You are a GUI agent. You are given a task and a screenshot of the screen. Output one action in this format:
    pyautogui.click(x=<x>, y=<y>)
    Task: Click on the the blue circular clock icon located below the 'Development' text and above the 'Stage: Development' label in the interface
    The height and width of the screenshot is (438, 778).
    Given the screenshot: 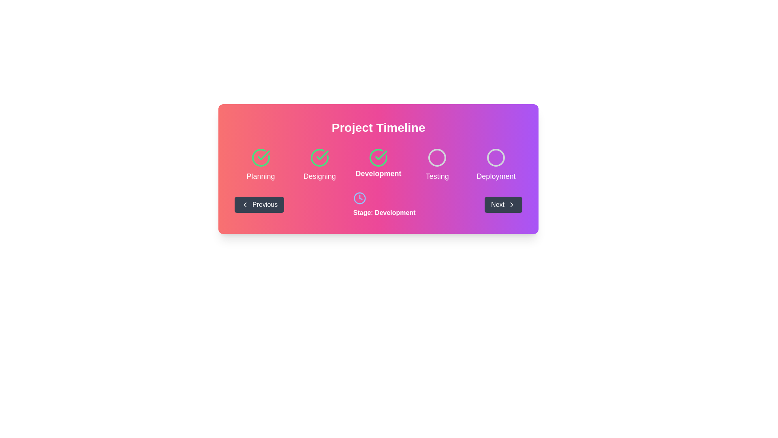 What is the action you would take?
    pyautogui.click(x=359, y=198)
    